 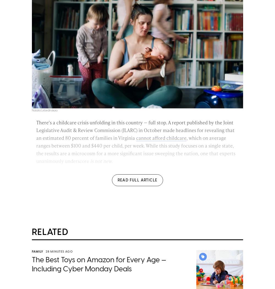 I want to click on 'Joe Biden Wants to Make Child Care More Affordable For American Families — Here's His Plan', so click(x=138, y=260).